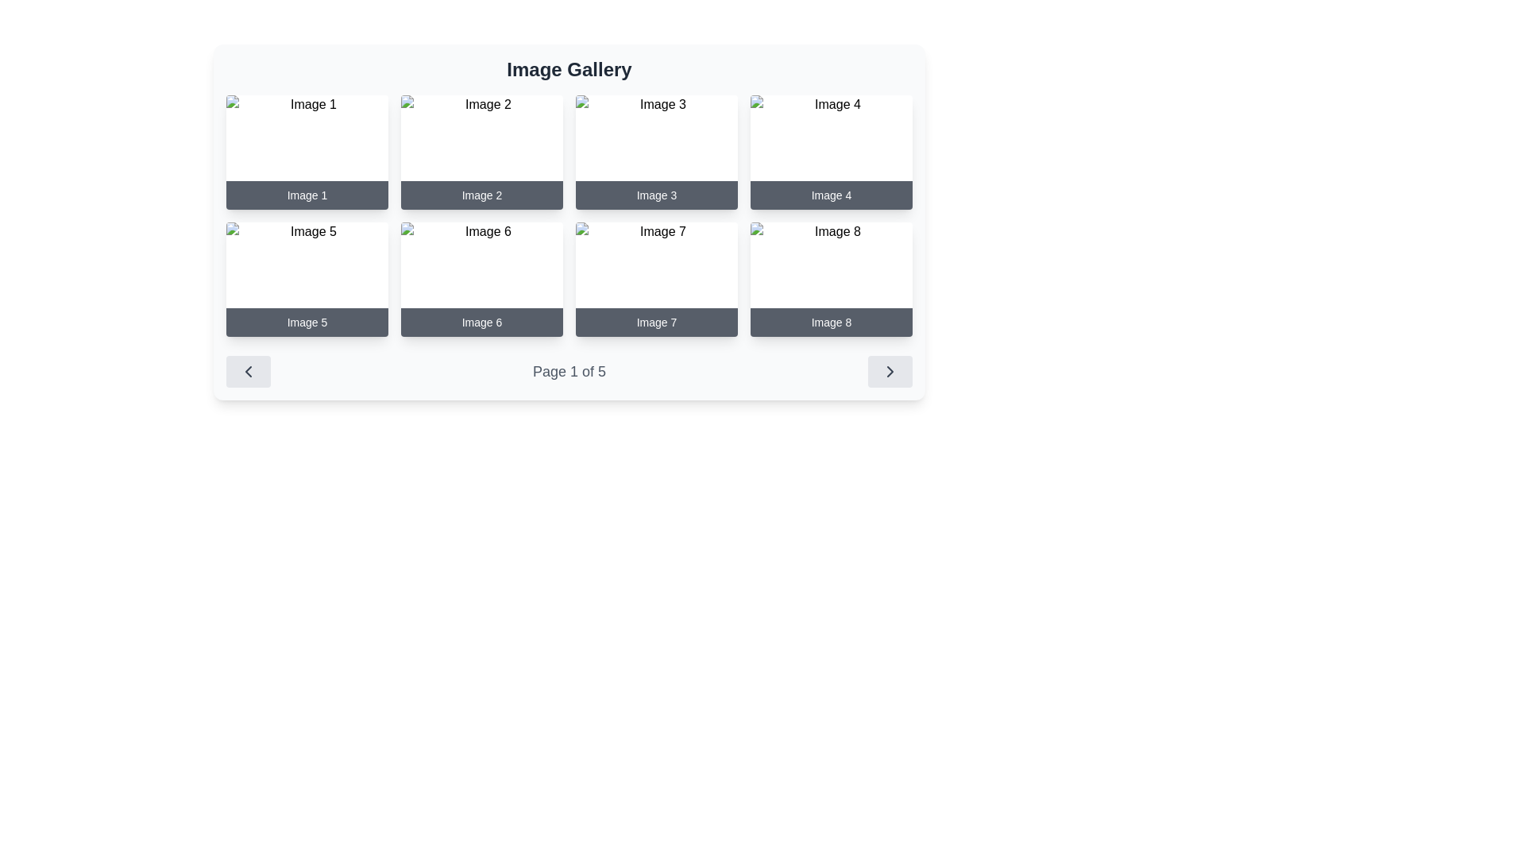 The image size is (1525, 858). What do you see at coordinates (481, 195) in the screenshot?
I see `the text label located at the bottom section of the card labeled 'Image 2', which is positioned in the top row, second from the left in a 2x4 grid layout` at bounding box center [481, 195].